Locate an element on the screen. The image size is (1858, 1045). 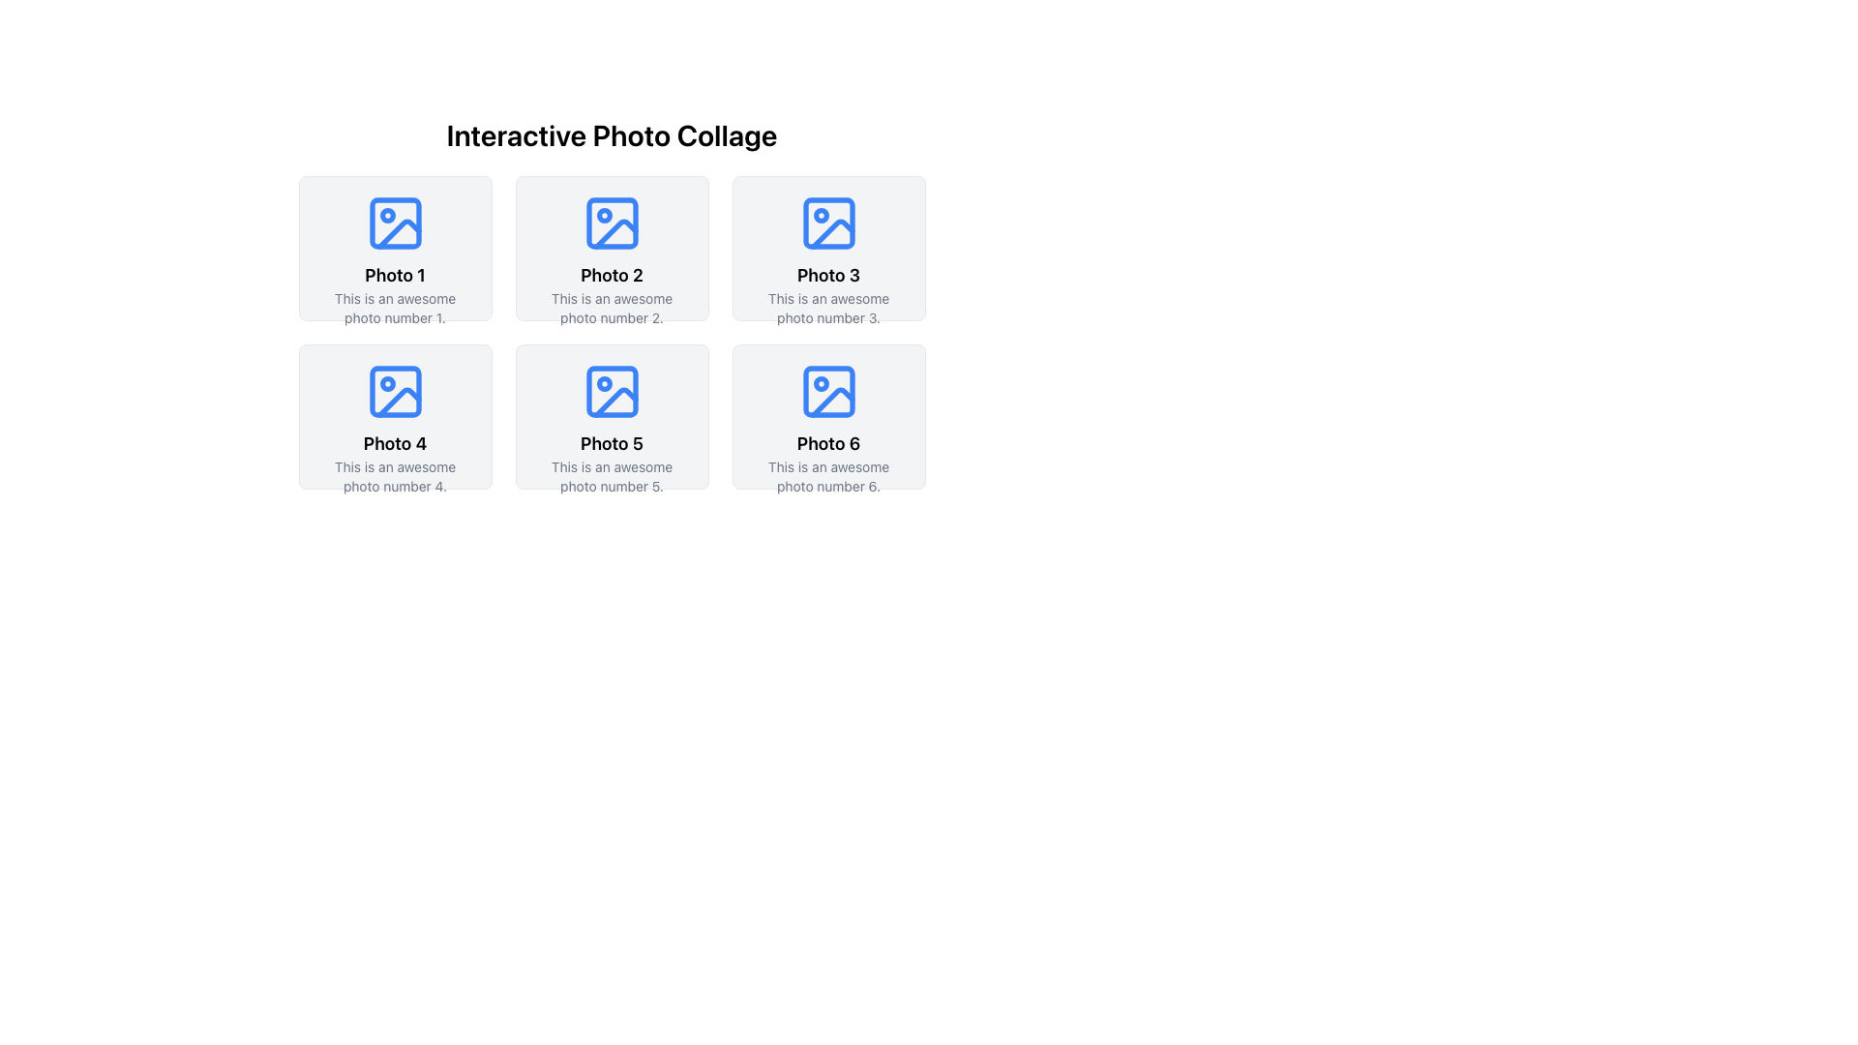
the small rectangular shape with rounded corners that is part of the 'Photo 3' SVG image icon, which has no visible fill and is outlined by a border is located at coordinates (828, 223).